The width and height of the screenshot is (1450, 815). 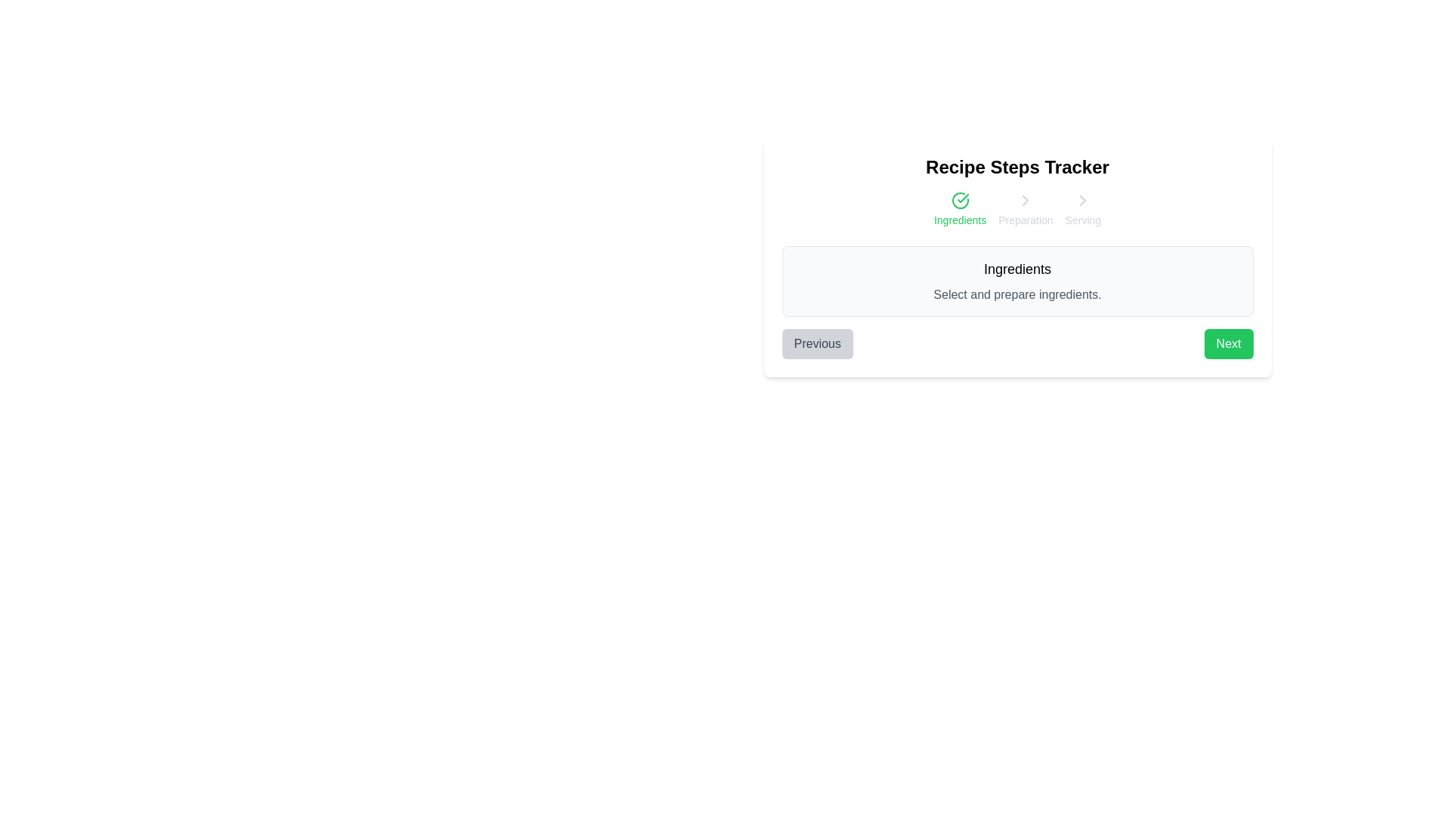 What do you see at coordinates (1229, 343) in the screenshot?
I see `the second button on the far right of the horizontal layout to proceed to the next step in the workflow` at bounding box center [1229, 343].